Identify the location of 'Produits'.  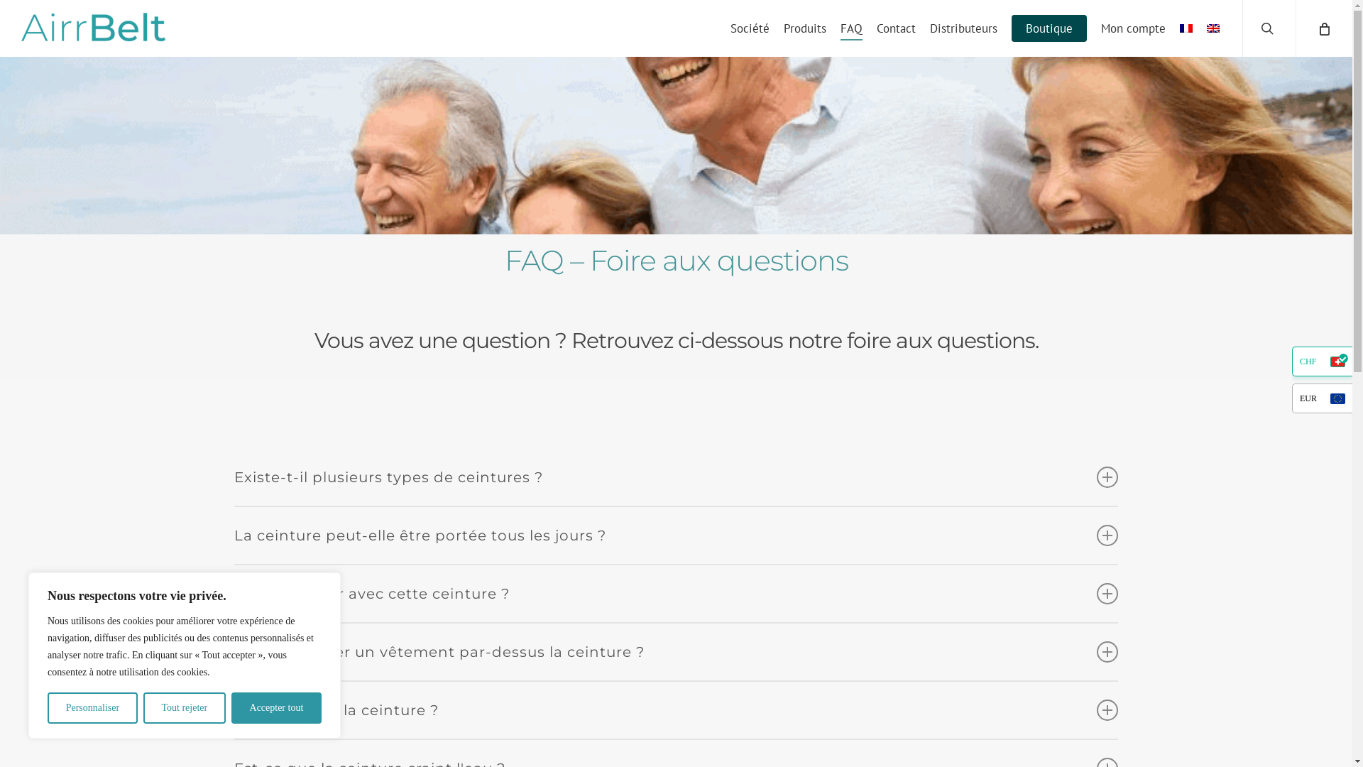
(804, 28).